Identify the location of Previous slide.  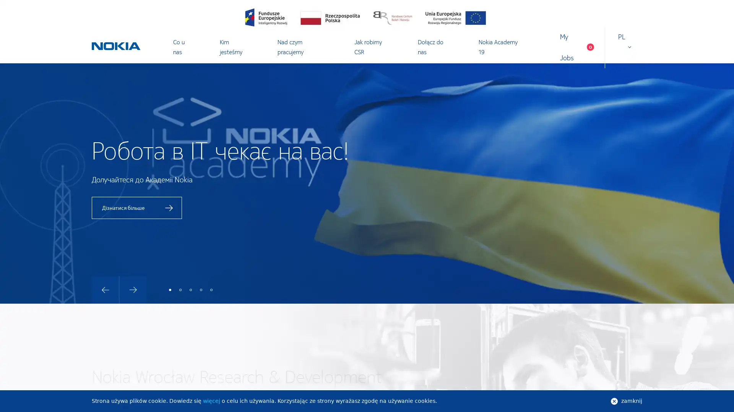
(105, 290).